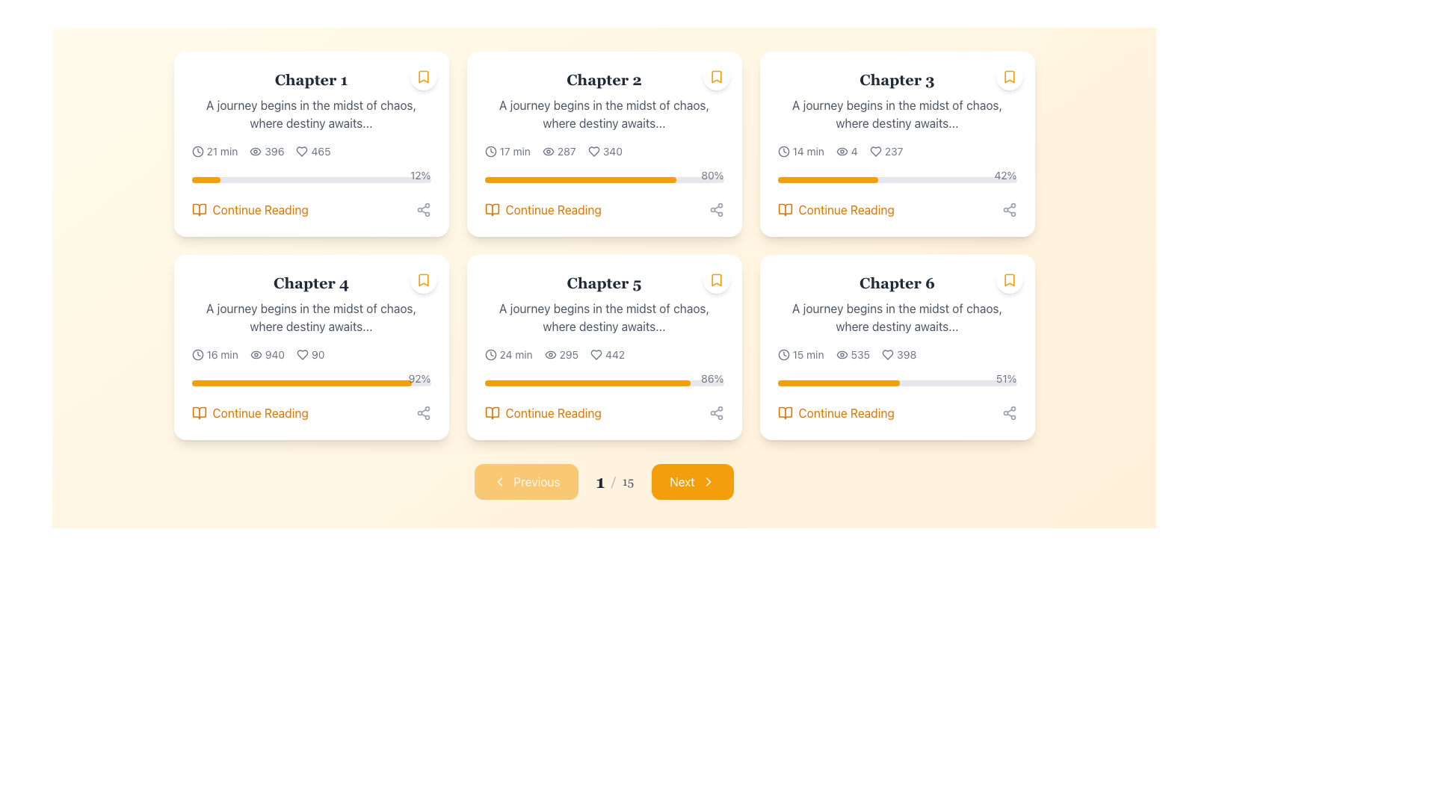 The image size is (1435, 807). I want to click on the heart icon adjacent to the numerical text '340', which indicates the count of likes for Chapter 2, so click(605, 152).